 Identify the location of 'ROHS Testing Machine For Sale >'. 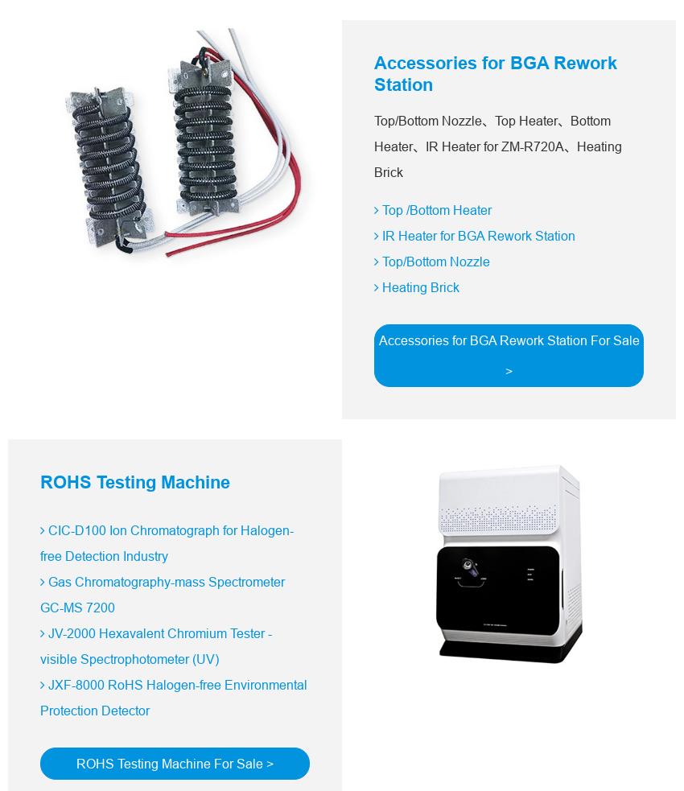
(76, 763).